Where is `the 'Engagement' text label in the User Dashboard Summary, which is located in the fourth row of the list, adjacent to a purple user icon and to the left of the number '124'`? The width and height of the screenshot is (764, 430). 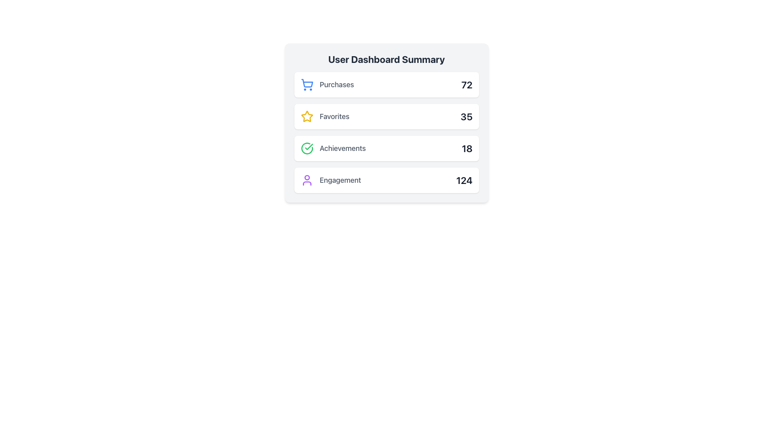
the 'Engagement' text label in the User Dashboard Summary, which is located in the fourth row of the list, adjacent to a purple user icon and to the left of the number '124' is located at coordinates (340, 180).